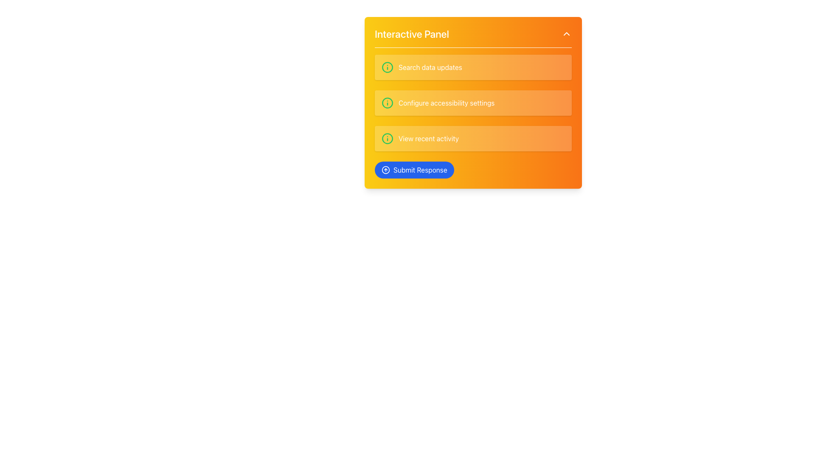 The height and width of the screenshot is (458, 815). What do you see at coordinates (387, 138) in the screenshot?
I see `the circular SVG icon with a green stroke and no fill, which is part of the 'View recent activity' option in the 'Interactive Panel'` at bounding box center [387, 138].